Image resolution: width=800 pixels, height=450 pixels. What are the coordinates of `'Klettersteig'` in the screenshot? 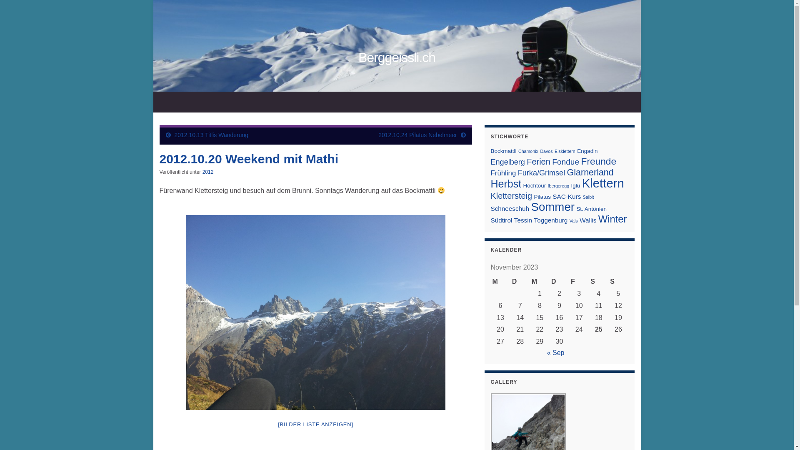 It's located at (511, 196).